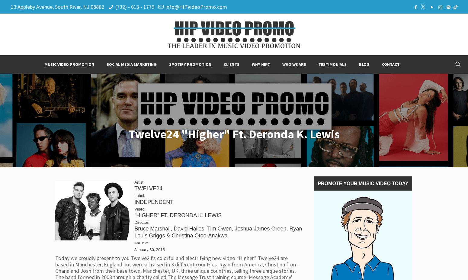  What do you see at coordinates (178, 215) in the screenshot?
I see `'“HIGHER” FT. DERONDA K. LEWIS'` at bounding box center [178, 215].